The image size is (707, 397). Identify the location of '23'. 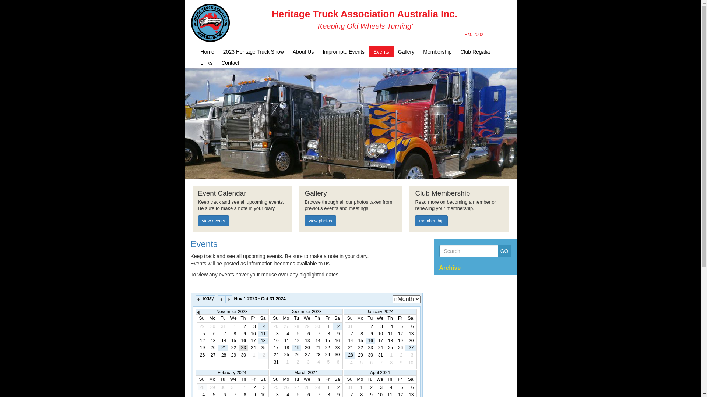
(370, 347).